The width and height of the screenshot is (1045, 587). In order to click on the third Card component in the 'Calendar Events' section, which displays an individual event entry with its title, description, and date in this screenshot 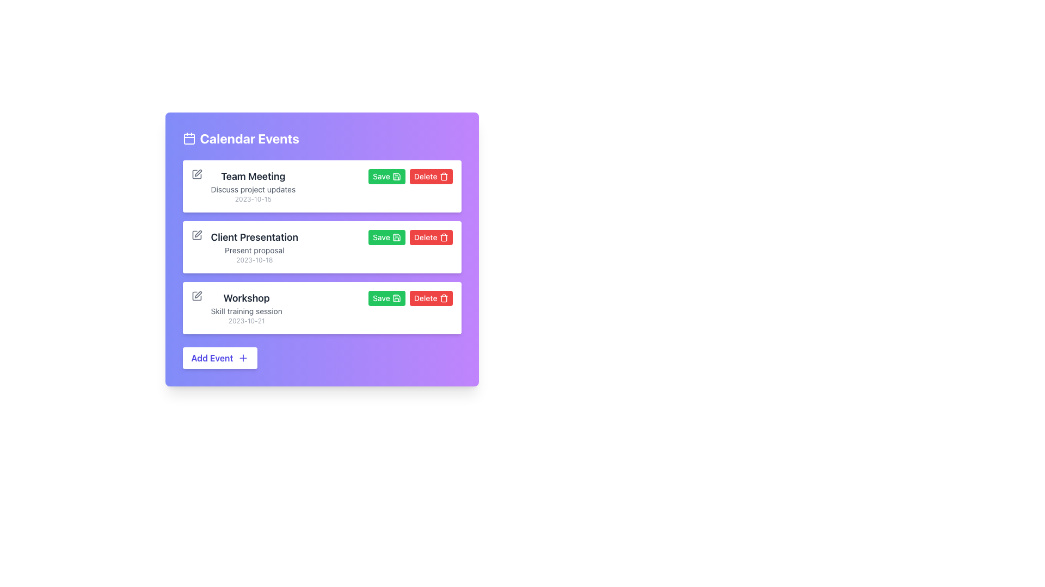, I will do `click(321, 308)`.